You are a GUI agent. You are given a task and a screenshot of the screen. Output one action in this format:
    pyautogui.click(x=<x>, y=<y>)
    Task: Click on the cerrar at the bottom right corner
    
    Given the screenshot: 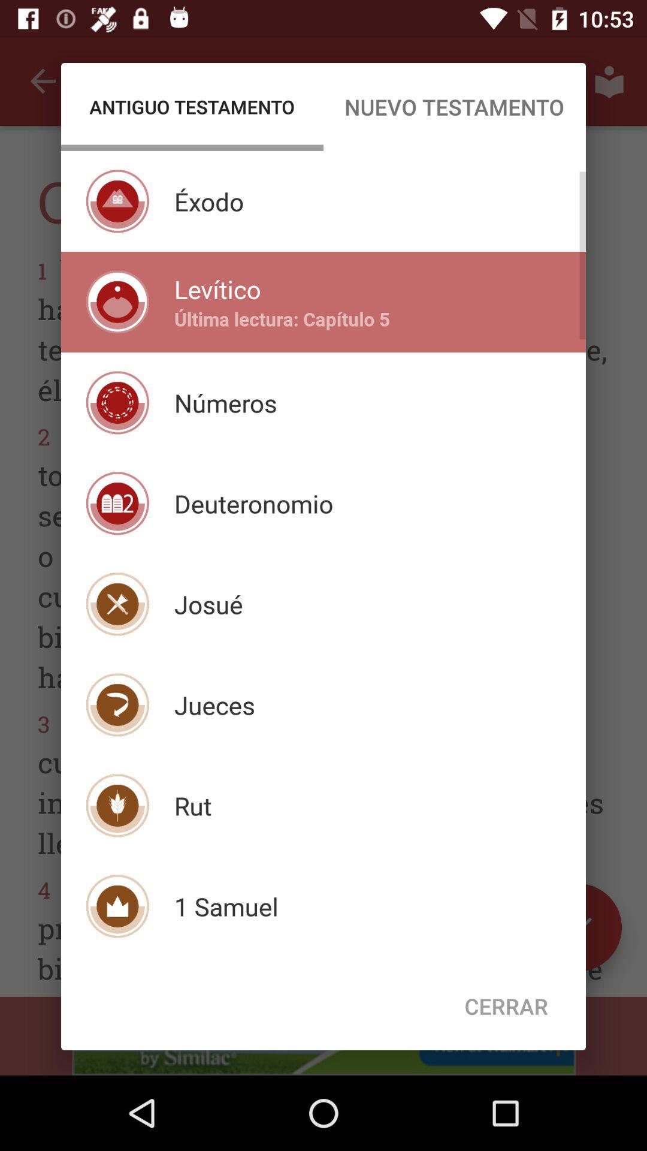 What is the action you would take?
    pyautogui.click(x=506, y=1006)
    